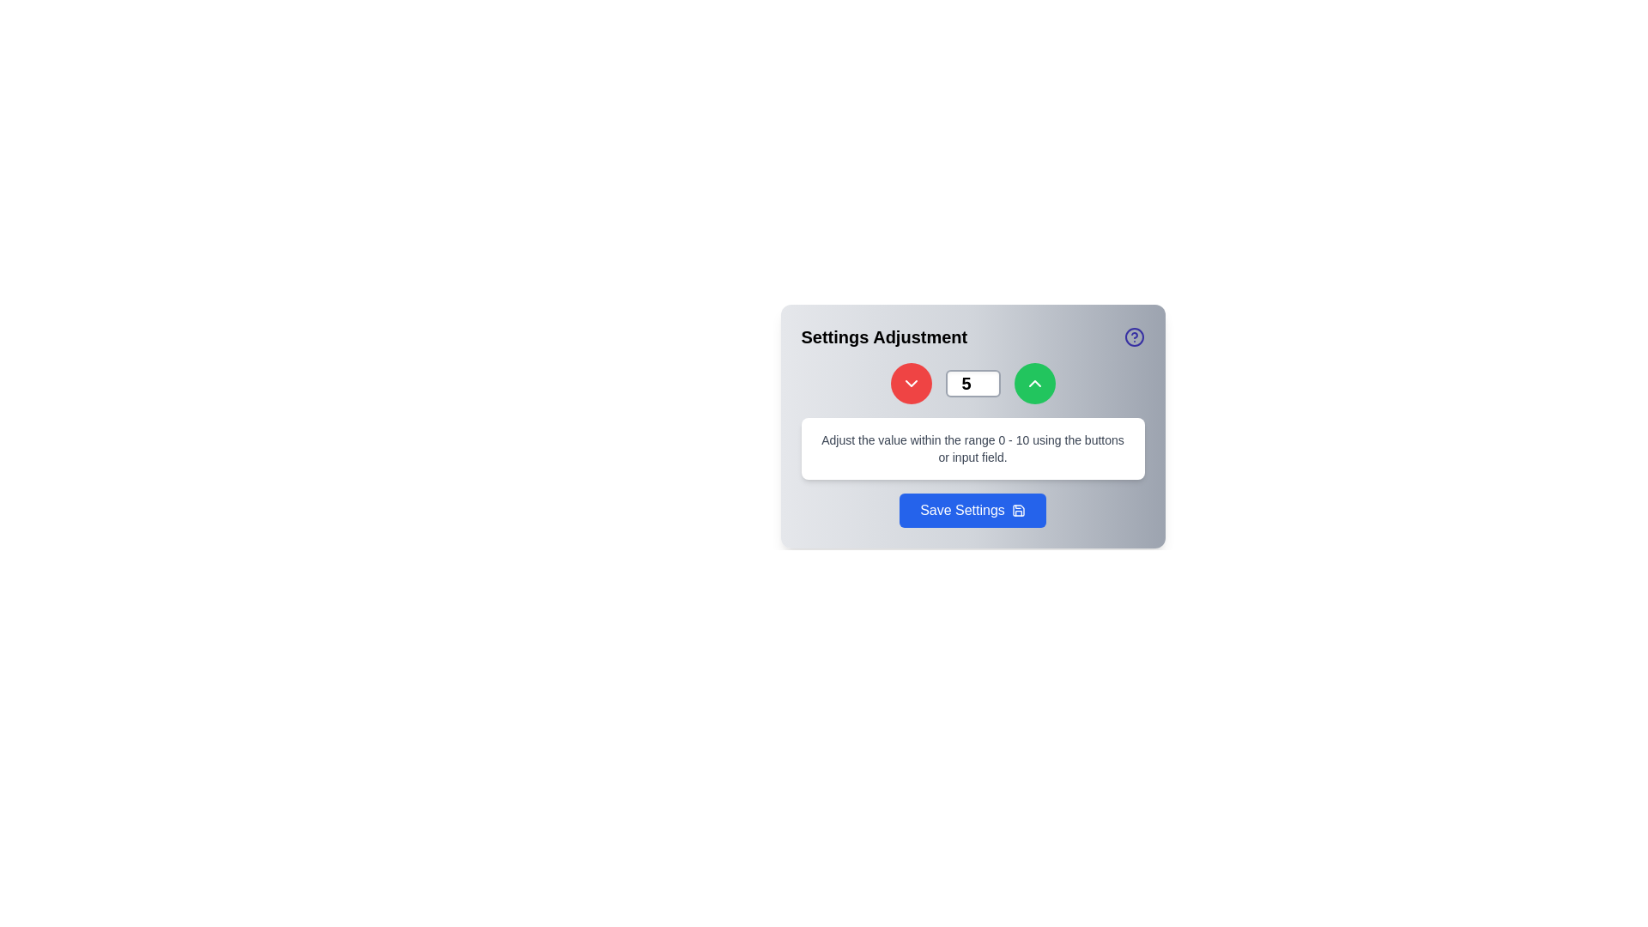 This screenshot has width=1648, height=927. I want to click on the decrease value button in the 'Settings Adjustment' interface, so click(910, 383).